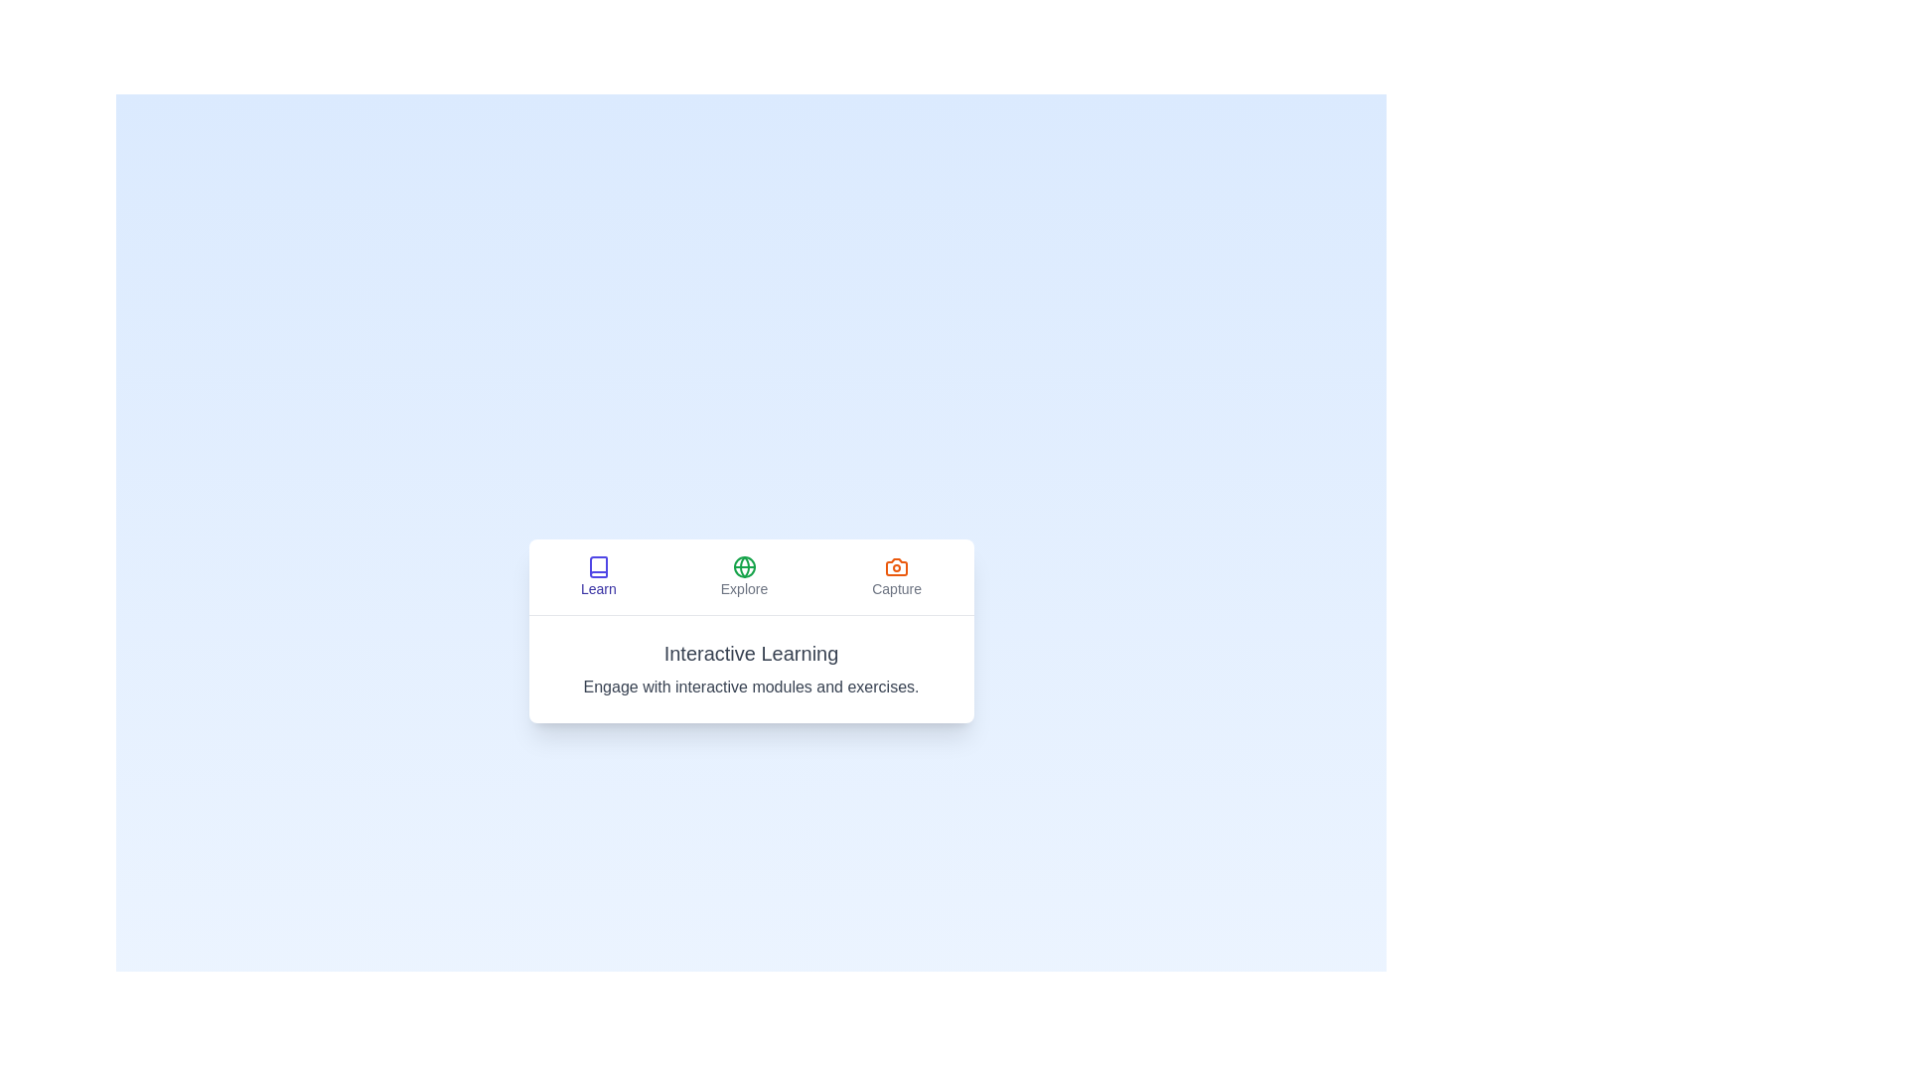 The height and width of the screenshot is (1073, 1907). Describe the element at coordinates (896, 566) in the screenshot. I see `the icon for the Capture tab` at that location.